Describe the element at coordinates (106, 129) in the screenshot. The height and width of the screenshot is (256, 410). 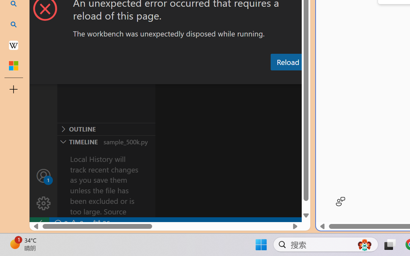
I see `'Outline Section'` at that location.